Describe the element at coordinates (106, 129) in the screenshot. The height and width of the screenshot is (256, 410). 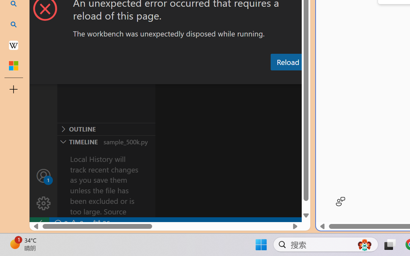
I see `'Outline Section'` at that location.